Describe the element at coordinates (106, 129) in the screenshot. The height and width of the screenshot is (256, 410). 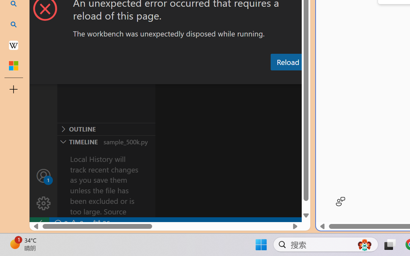
I see `'Outline Section'` at that location.